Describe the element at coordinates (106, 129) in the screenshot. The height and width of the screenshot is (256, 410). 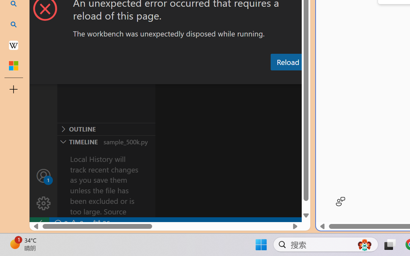
I see `'Outline Section'` at that location.